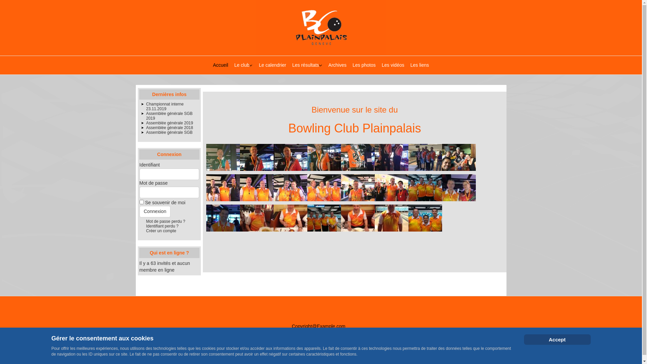  I want to click on 'Archives', so click(338, 65).